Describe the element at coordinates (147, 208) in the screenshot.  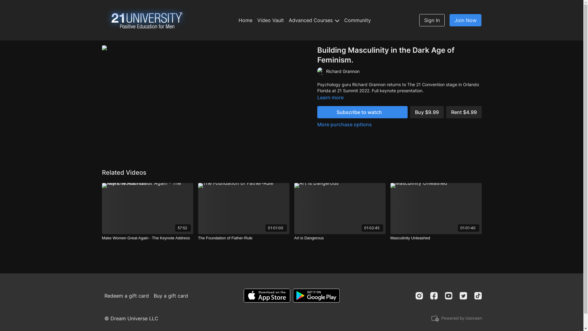
I see `'57:52'` at that location.